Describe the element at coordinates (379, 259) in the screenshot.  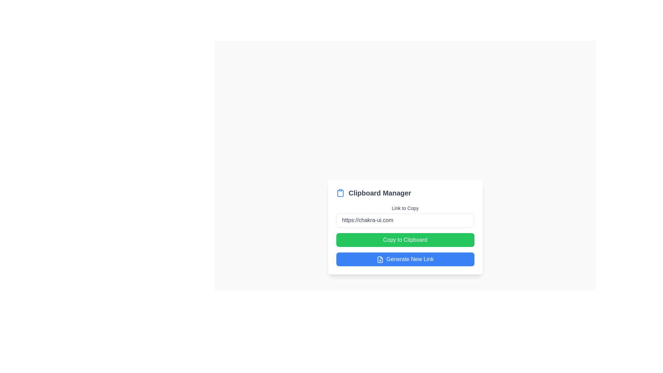
I see `the icon located to the left of the text 'Generate New Link' within the blue rounded button at the bottom of the visible panel` at that location.